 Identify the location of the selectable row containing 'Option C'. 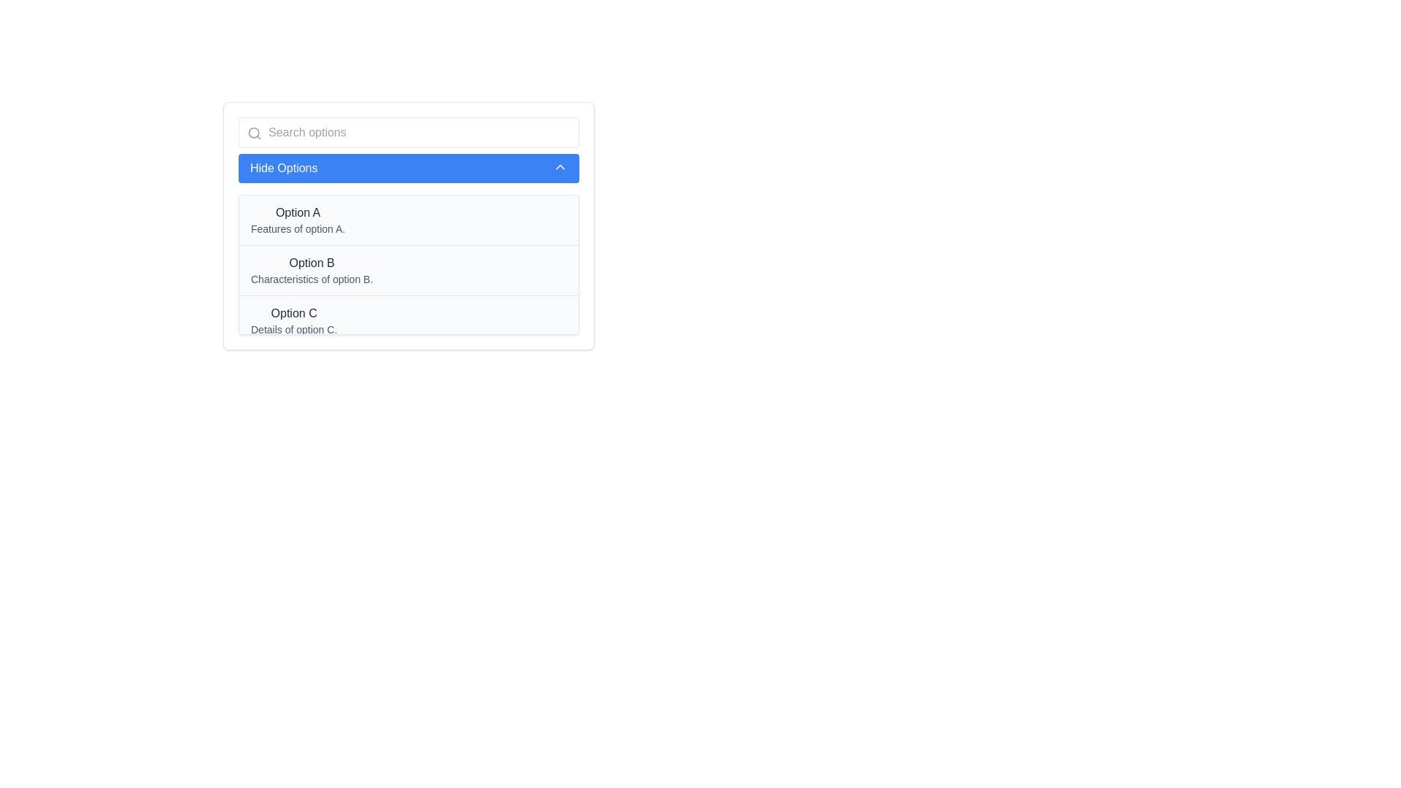
(409, 320).